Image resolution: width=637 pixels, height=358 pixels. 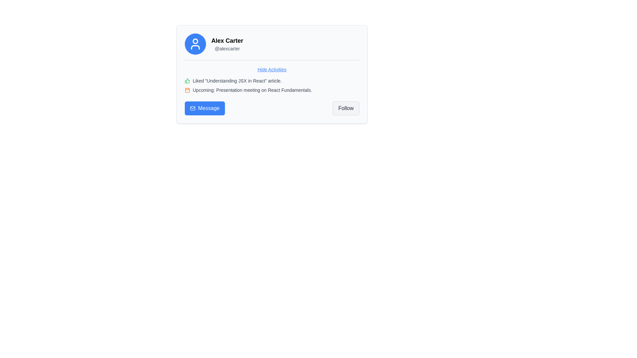 I want to click on the 'Alex Carter' text label at the top of the profile card, so click(x=227, y=41).